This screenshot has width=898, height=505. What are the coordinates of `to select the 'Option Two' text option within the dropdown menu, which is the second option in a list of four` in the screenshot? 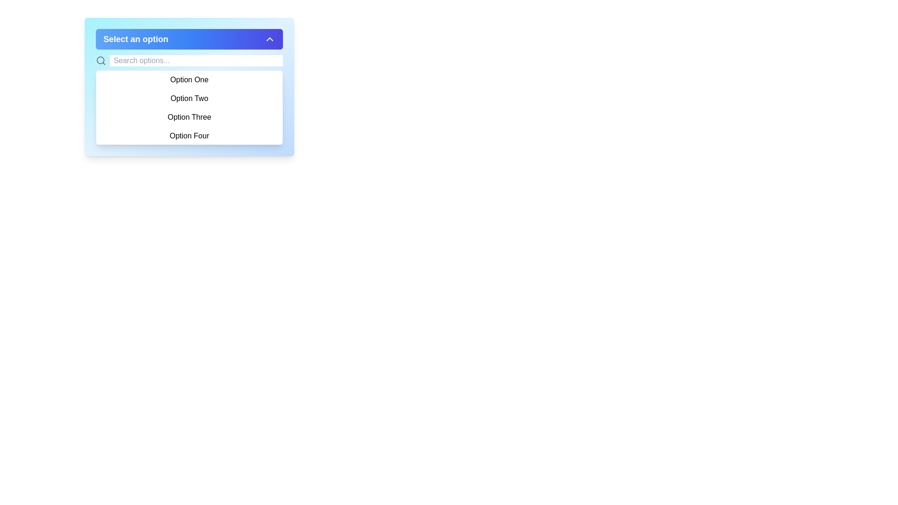 It's located at (188, 99).